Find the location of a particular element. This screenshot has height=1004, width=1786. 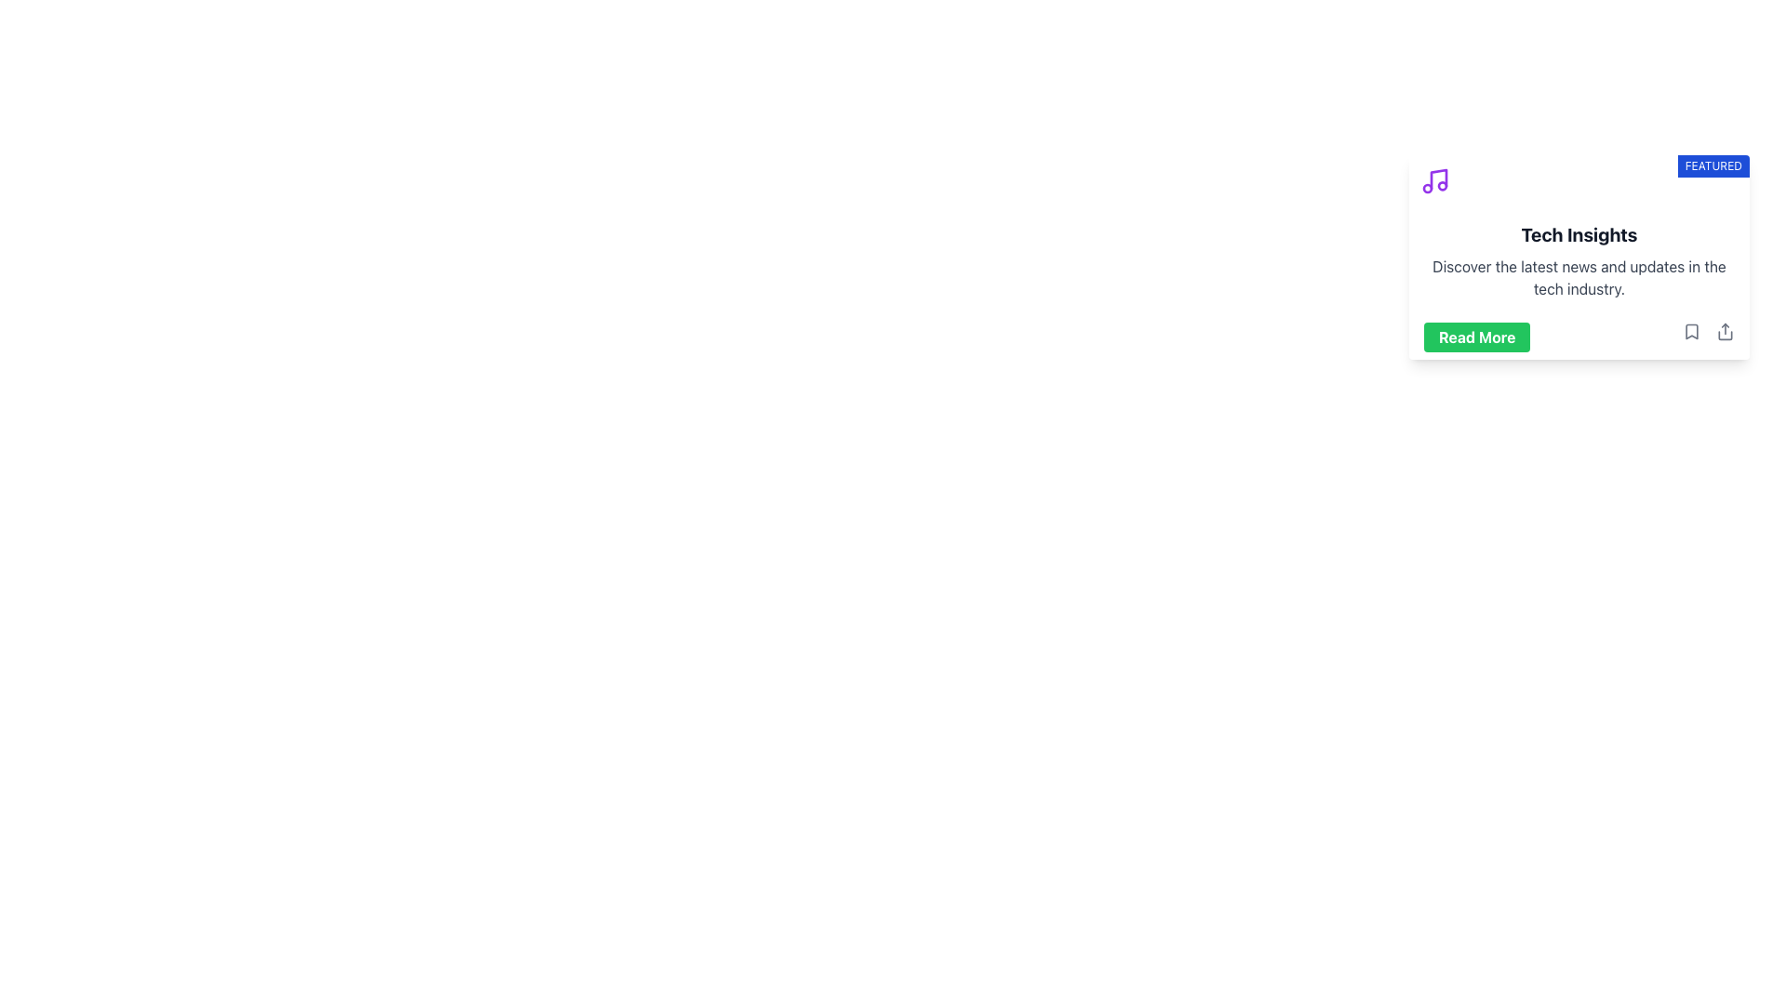

the non-interactive text block that provides a summary related to 'Tech Insights', located directly below the 'Tech Insights' title is located at coordinates (1579, 278).